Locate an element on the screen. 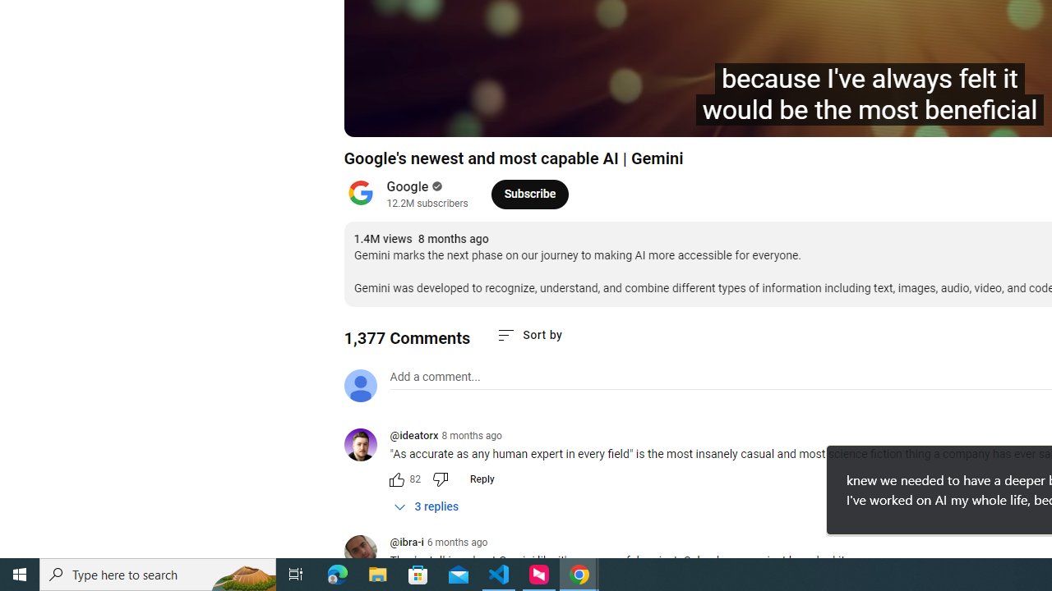 The height and width of the screenshot is (591, 1052). '8 months ago' is located at coordinates (471, 435).